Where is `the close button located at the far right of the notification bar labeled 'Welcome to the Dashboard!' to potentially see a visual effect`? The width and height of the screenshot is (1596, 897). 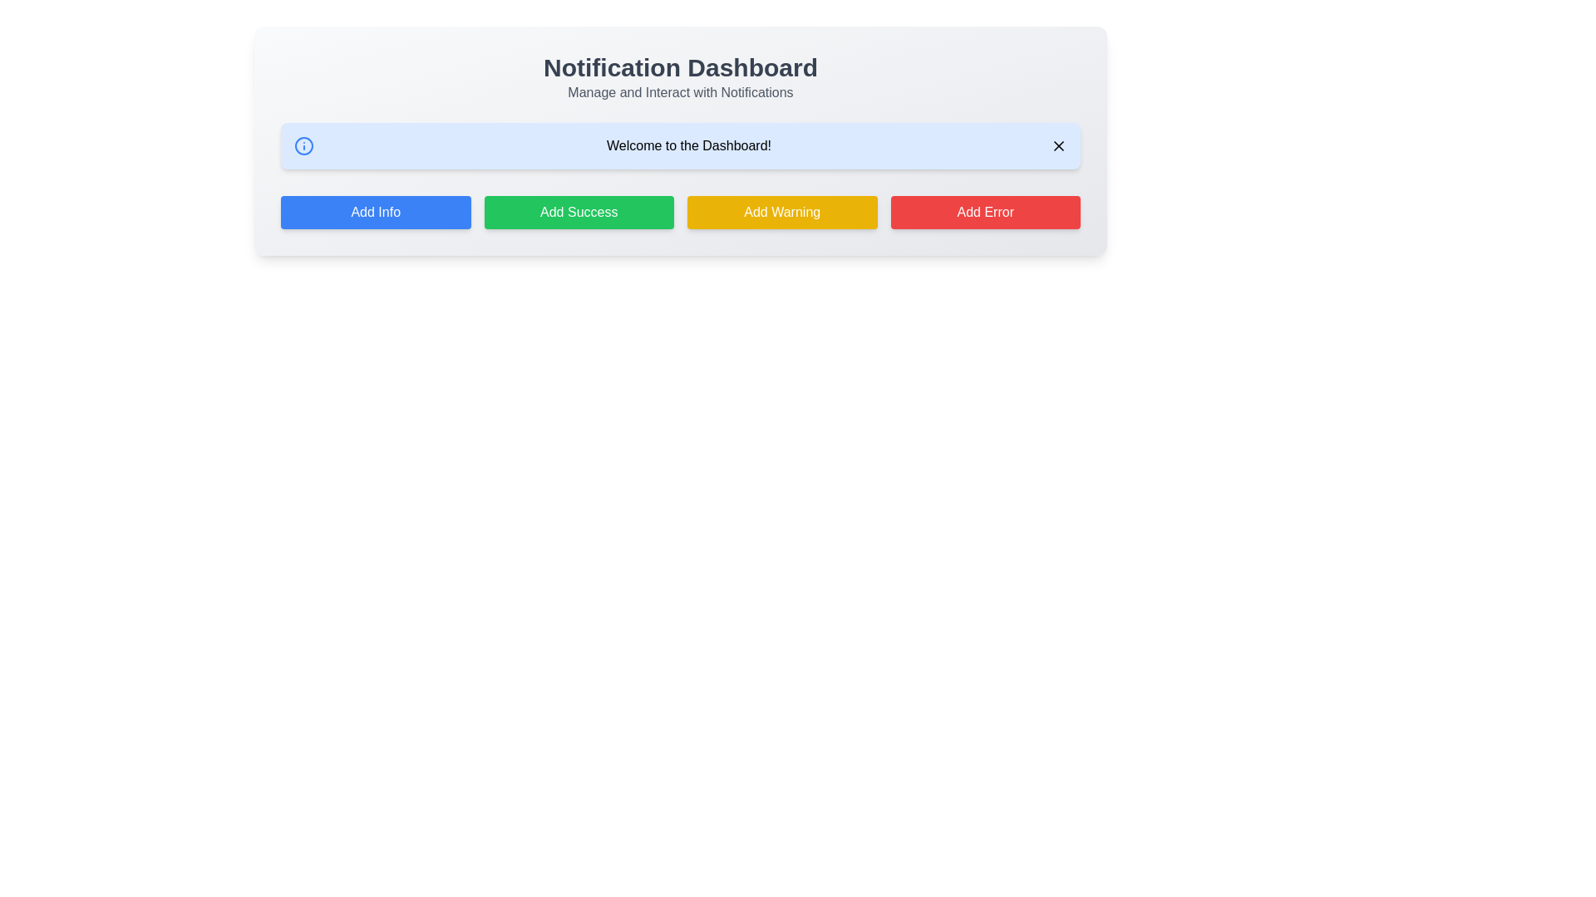
the close button located at the far right of the notification bar labeled 'Welcome to the Dashboard!' to potentially see a visual effect is located at coordinates (1057, 145).